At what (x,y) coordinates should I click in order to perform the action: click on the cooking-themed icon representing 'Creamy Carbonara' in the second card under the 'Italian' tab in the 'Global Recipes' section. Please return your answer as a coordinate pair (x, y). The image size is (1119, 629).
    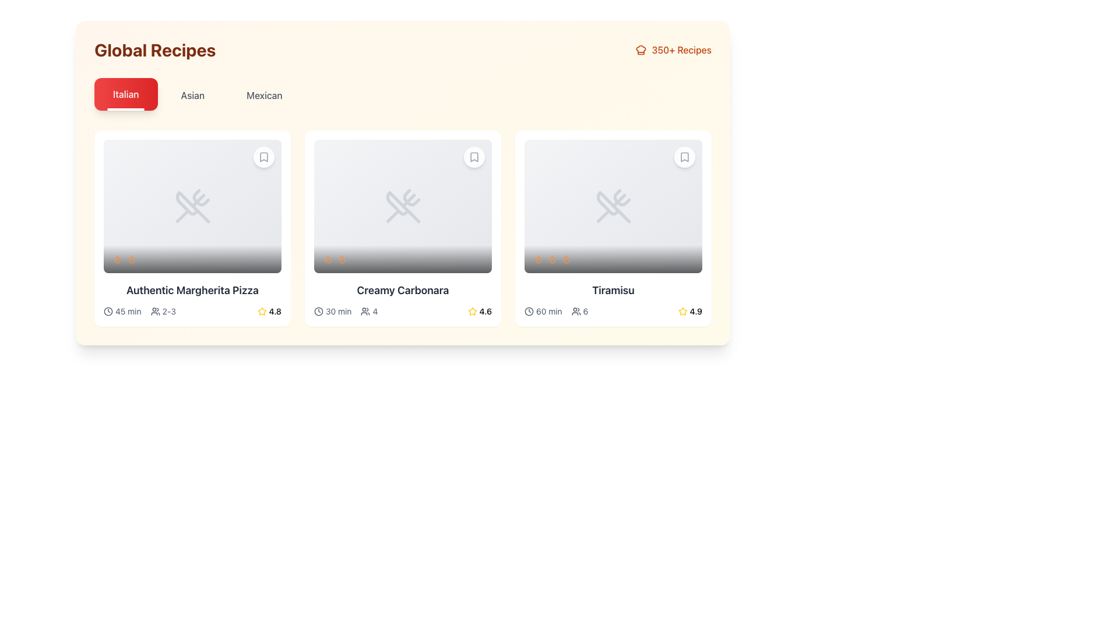
    Looking at the image, I should click on (403, 206).